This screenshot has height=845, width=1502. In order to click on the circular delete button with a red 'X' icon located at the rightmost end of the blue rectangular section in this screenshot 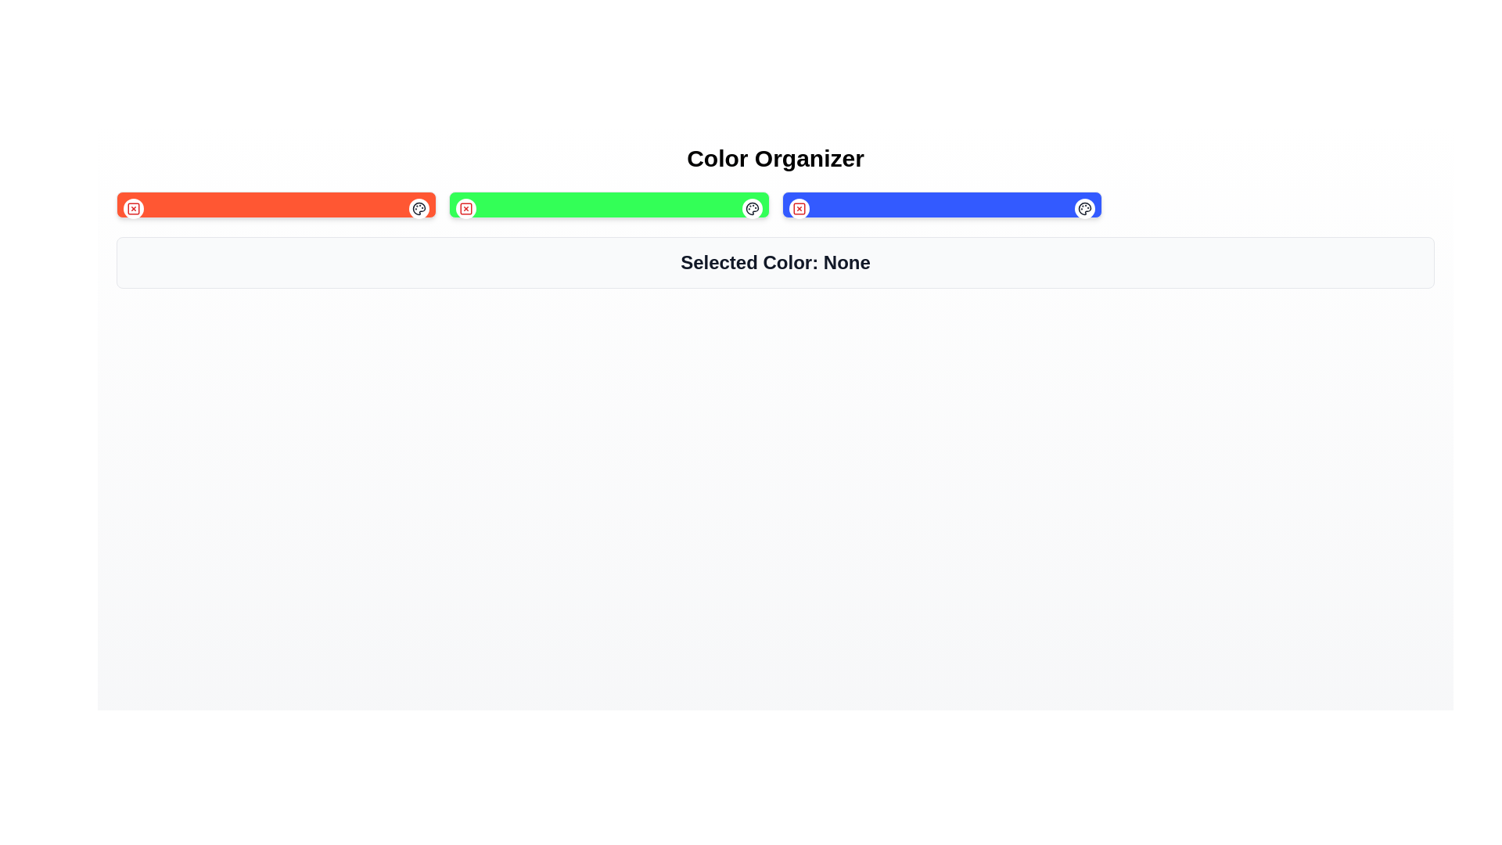, I will do `click(799, 207)`.